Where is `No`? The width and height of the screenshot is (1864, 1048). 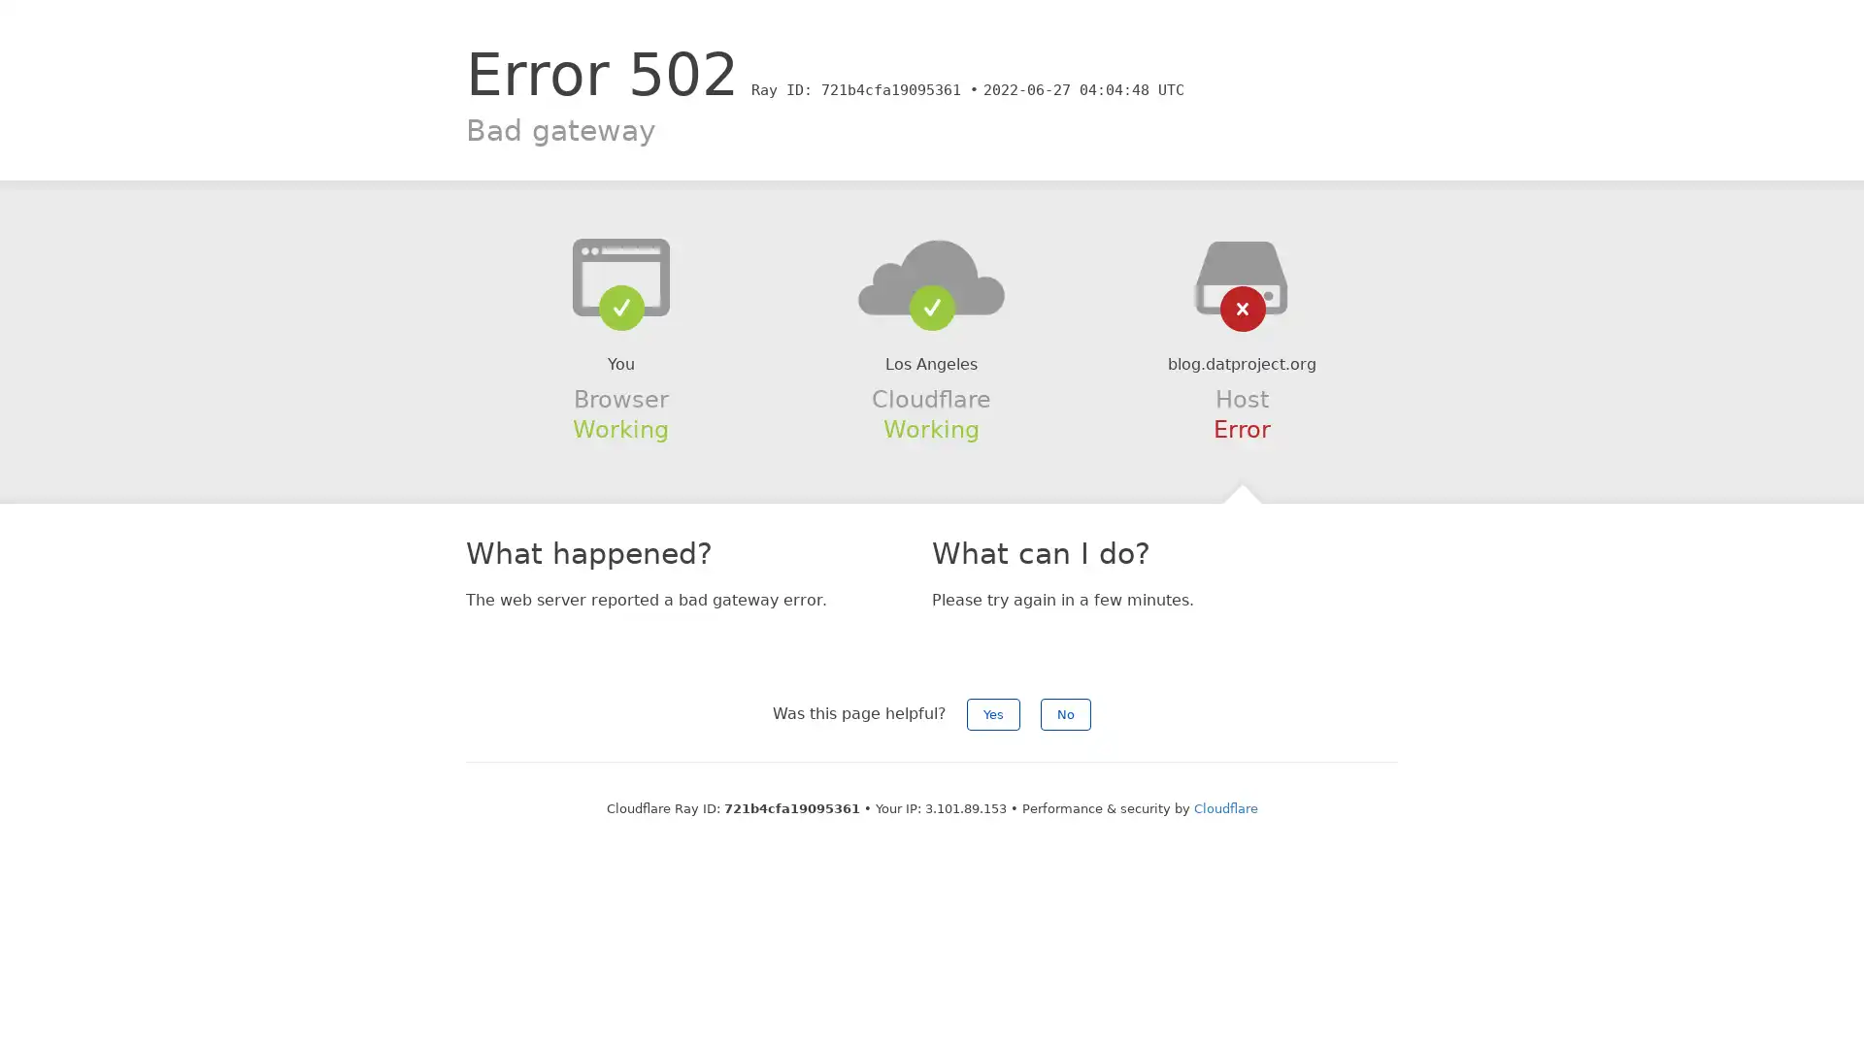
No is located at coordinates (1065, 714).